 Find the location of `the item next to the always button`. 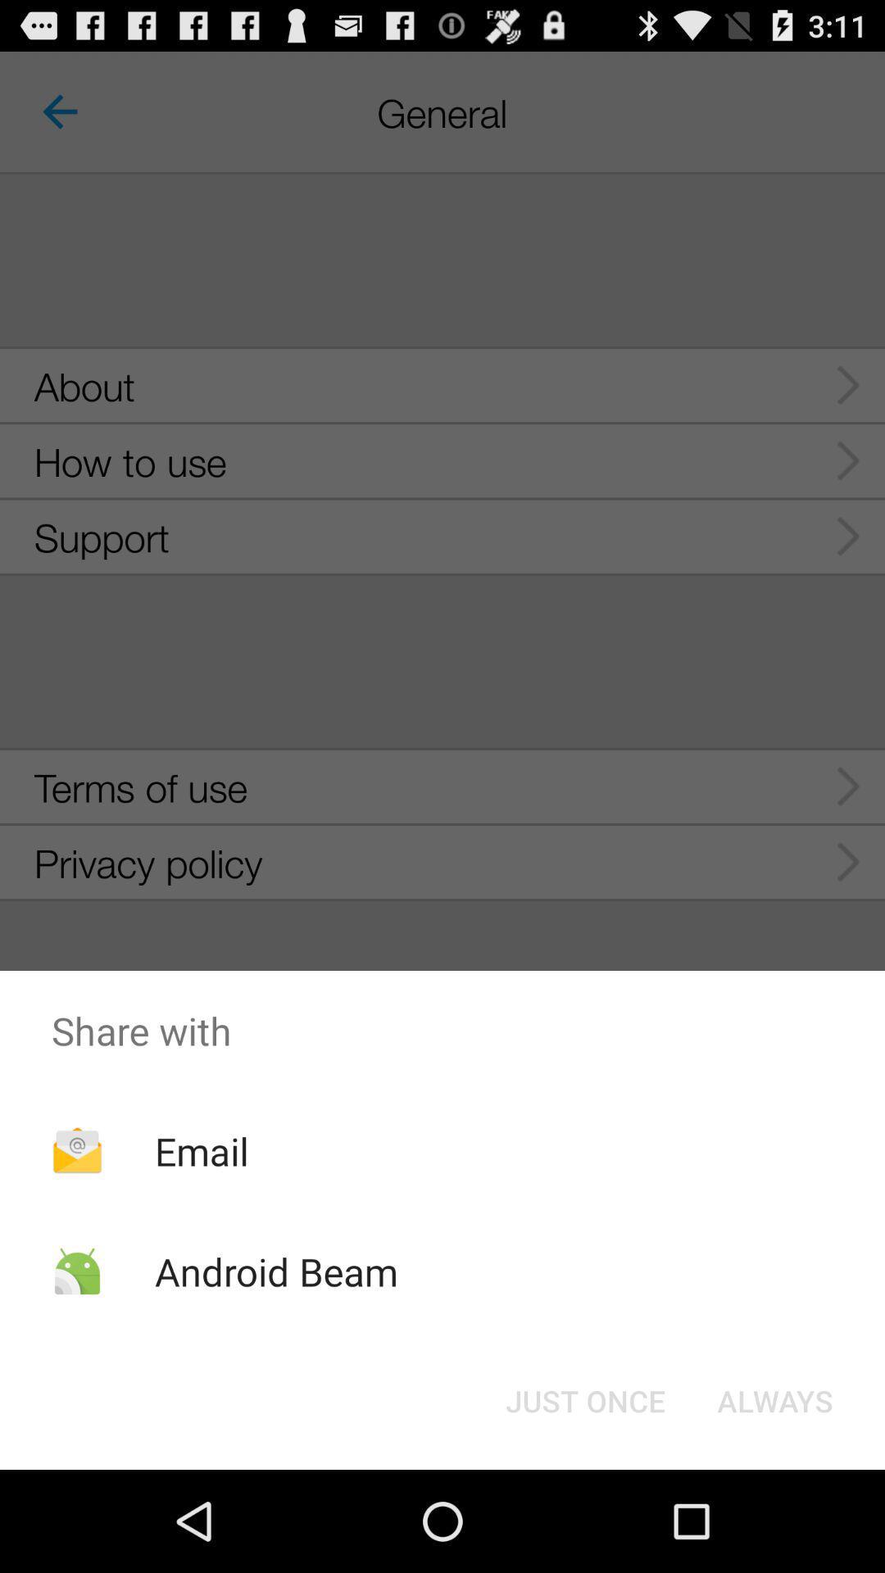

the item next to the always button is located at coordinates (584, 1399).